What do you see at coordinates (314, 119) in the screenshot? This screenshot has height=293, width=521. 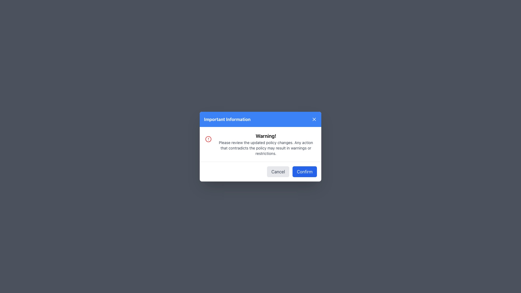 I see `the close button located at the top-right corner of the blue header bar labeled 'Important Information'` at bounding box center [314, 119].